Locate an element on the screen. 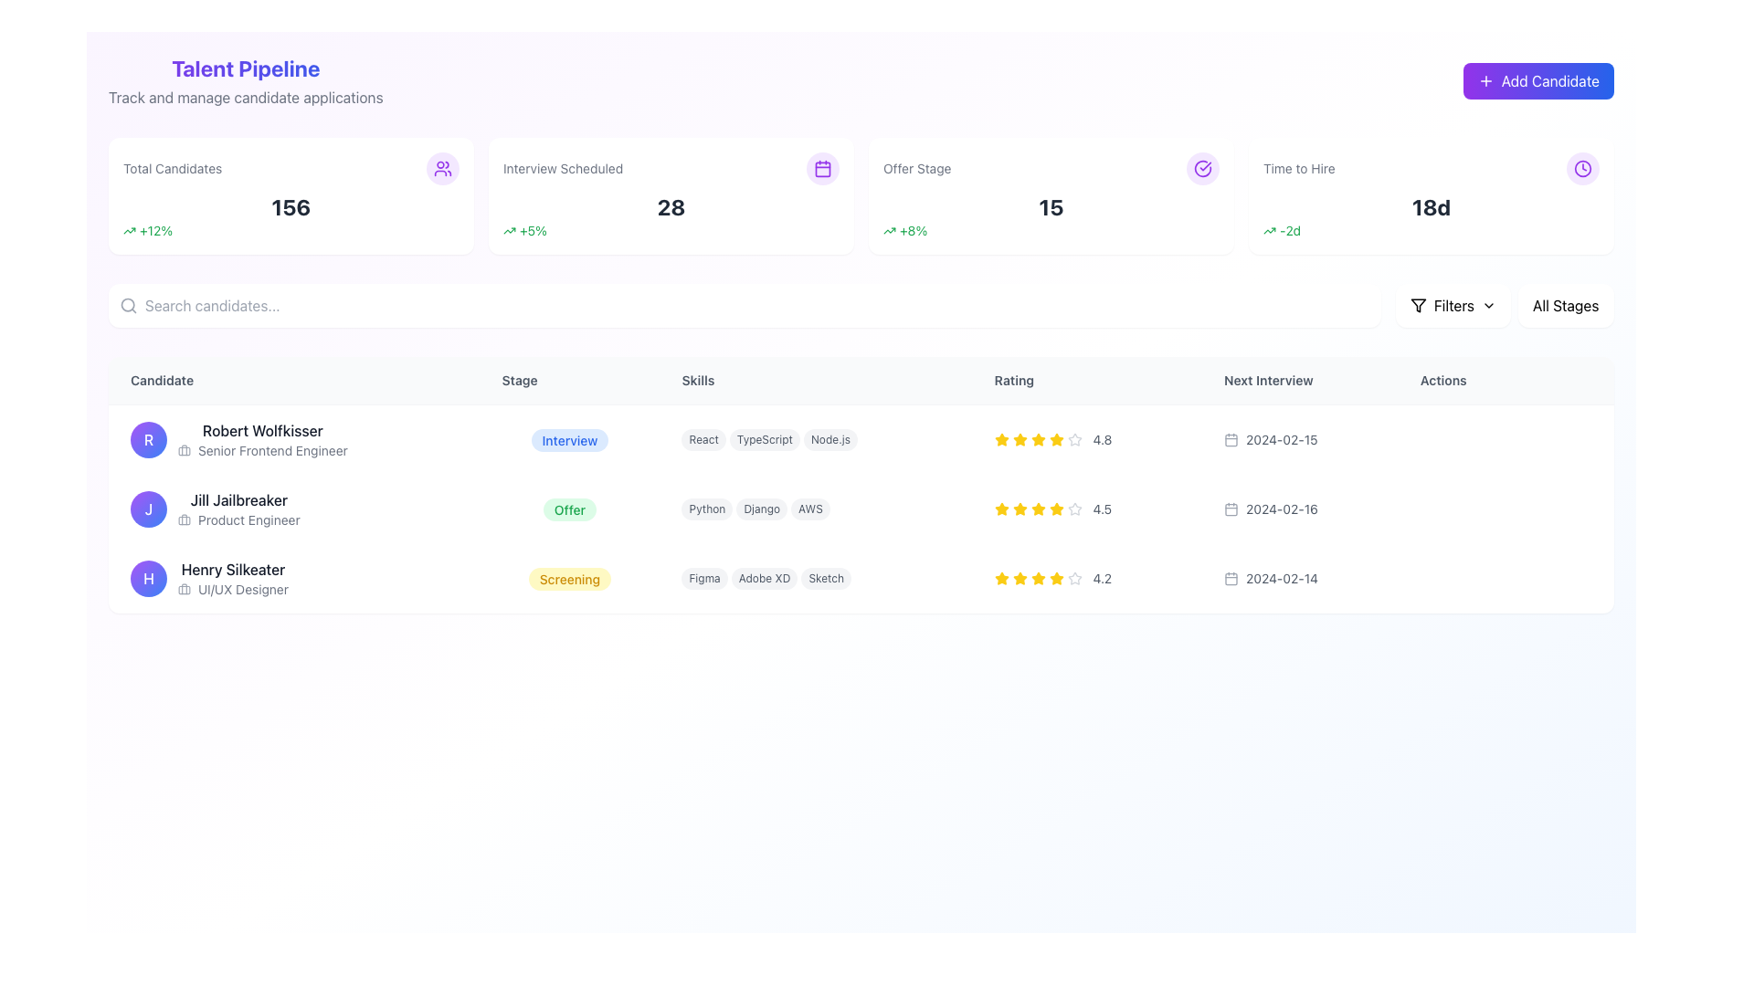  the pill-shaped UI component displaying the text 'React' with a gray background located in the 'Skills' column of the first row in the candidate table is located at coordinates (703, 440).